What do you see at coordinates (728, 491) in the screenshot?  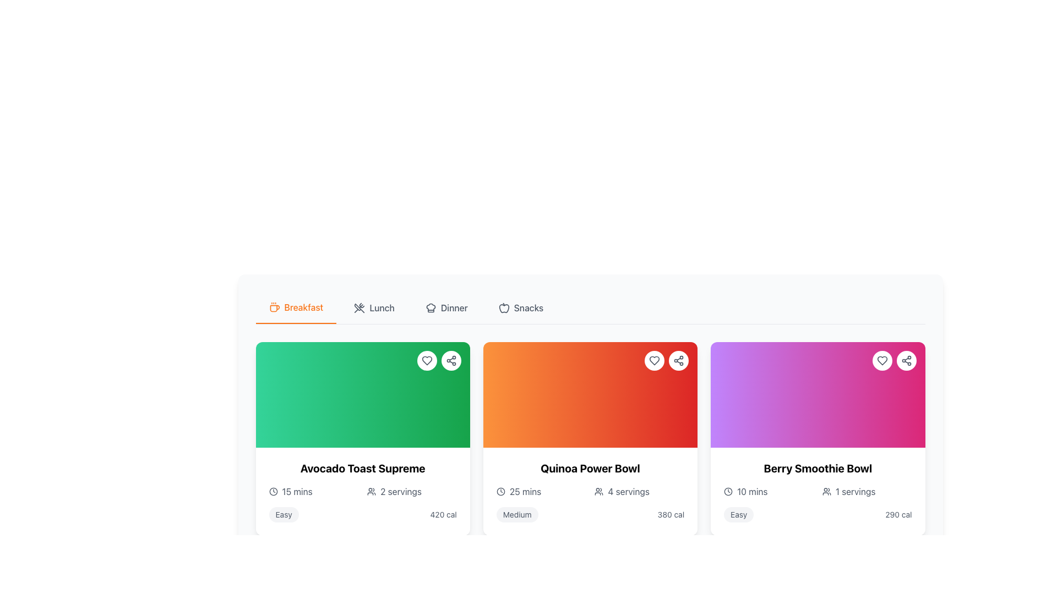 I see `the circular outline in the clock icon located in the top-right section of the 'Berry Smoothie Bowl' card` at bounding box center [728, 491].